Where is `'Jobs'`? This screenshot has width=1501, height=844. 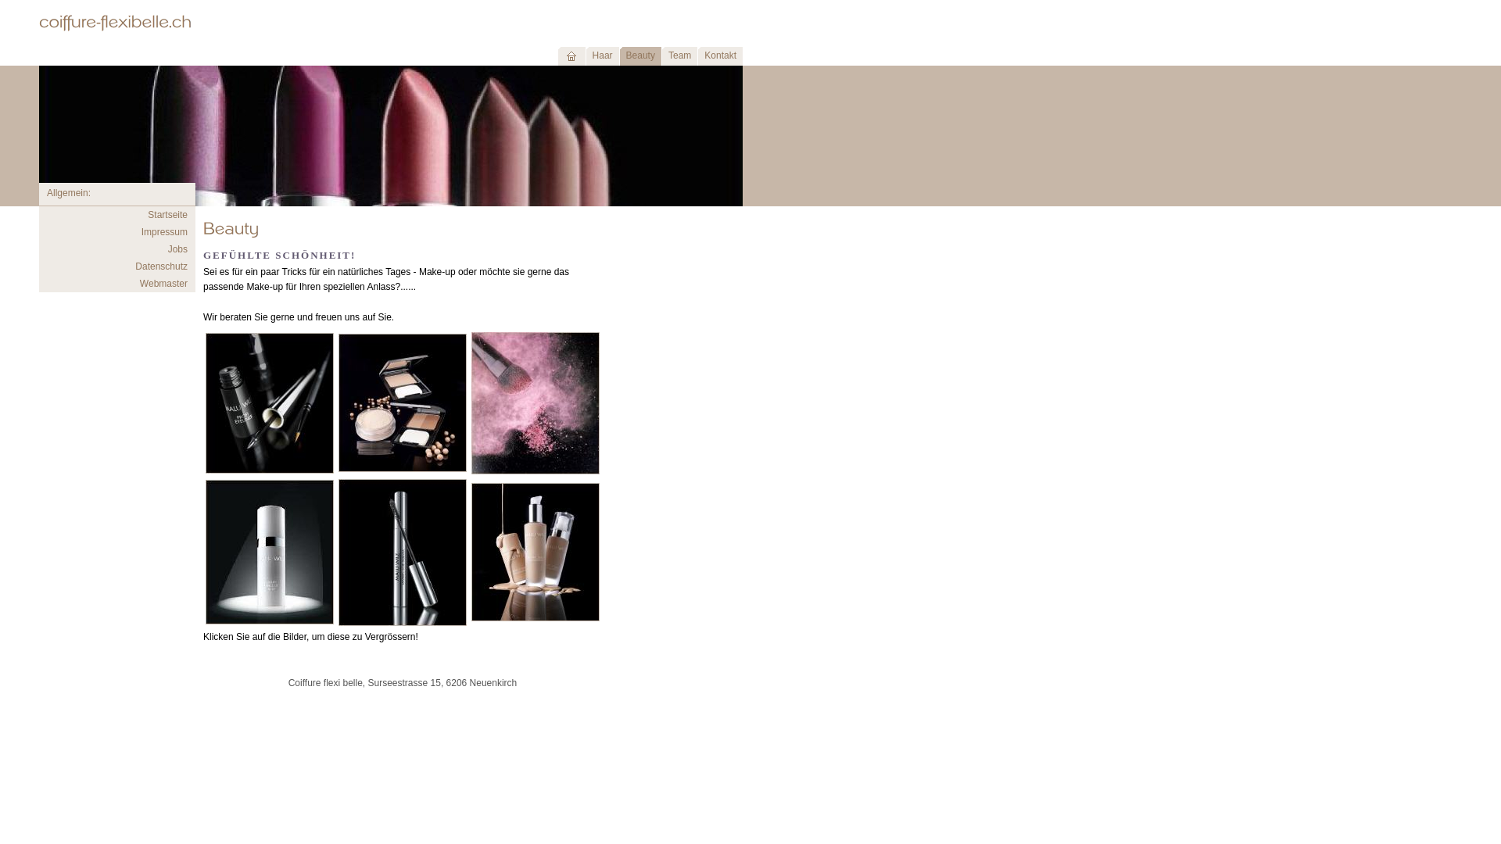
'Jobs' is located at coordinates (177, 249).